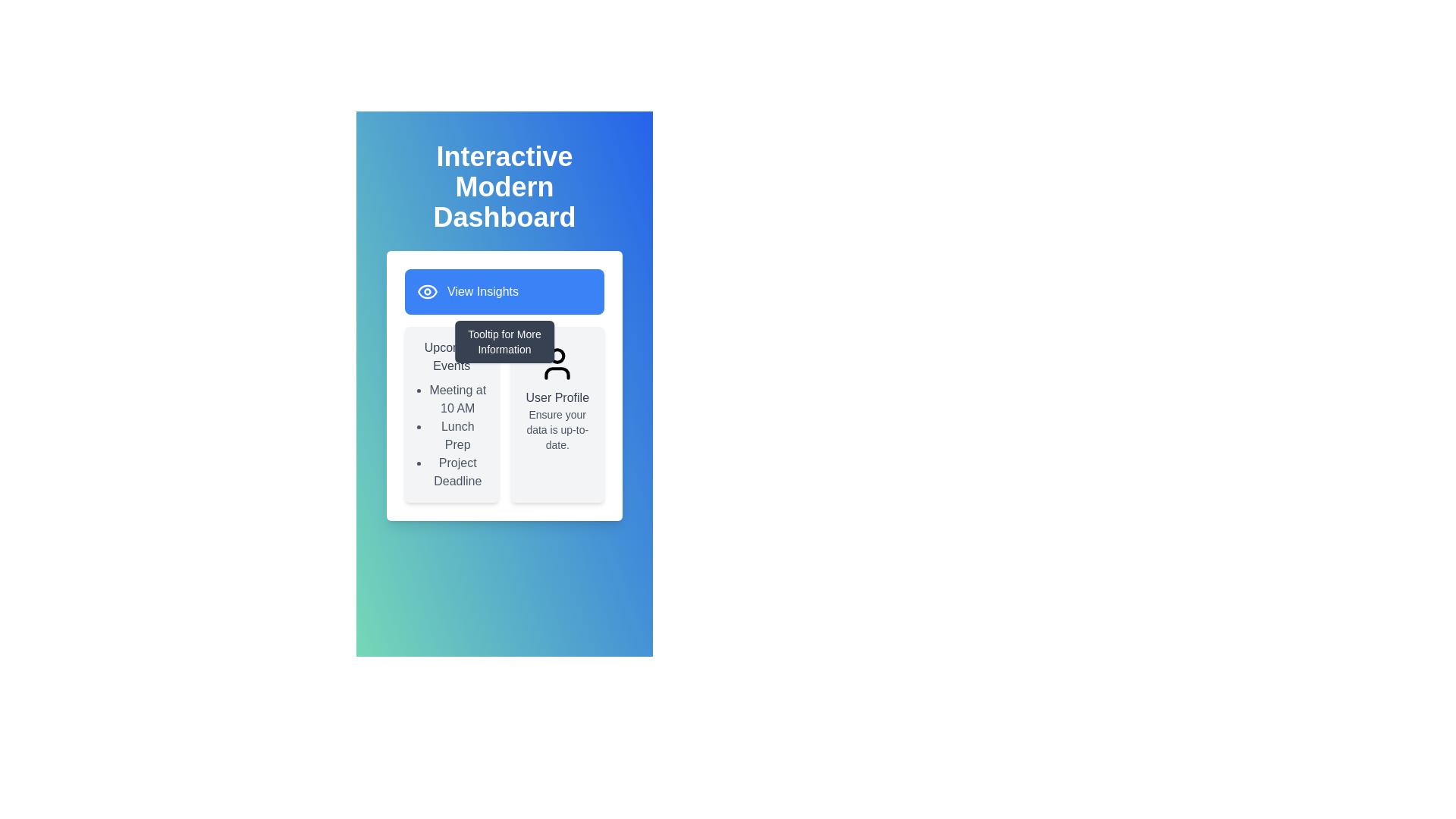 Image resolution: width=1456 pixels, height=819 pixels. What do you see at coordinates (450, 415) in the screenshot?
I see `text contained in the informational card titled 'Upcoming Events', which includes a list of events such as 'Meeting at 10 AM', 'Lunch Prep', and 'Project Deadline'` at bounding box center [450, 415].